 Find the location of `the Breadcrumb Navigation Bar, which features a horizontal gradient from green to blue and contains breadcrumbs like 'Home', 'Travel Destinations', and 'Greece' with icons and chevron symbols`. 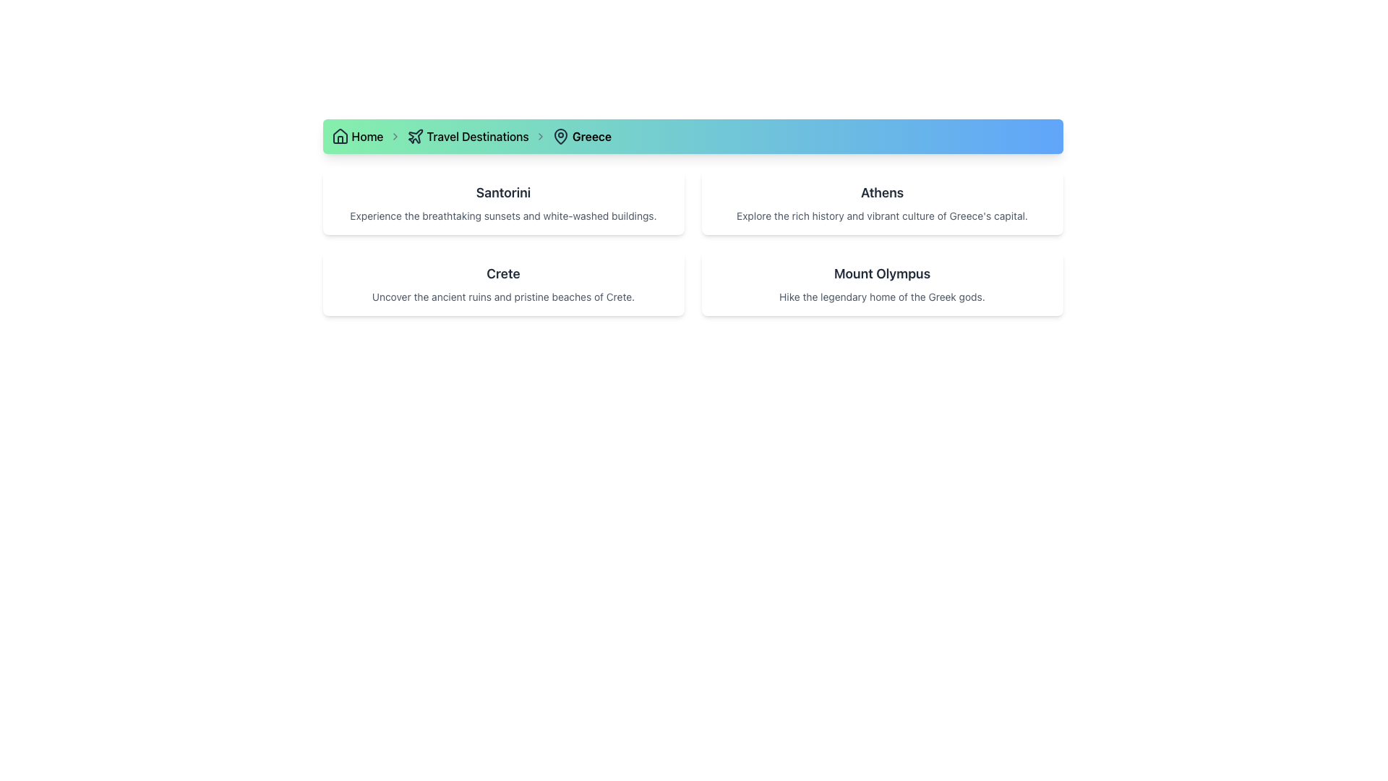

the Breadcrumb Navigation Bar, which features a horizontal gradient from green to blue and contains breadcrumbs like 'Home', 'Travel Destinations', and 'Greece' with icons and chevron symbols is located at coordinates (692, 137).